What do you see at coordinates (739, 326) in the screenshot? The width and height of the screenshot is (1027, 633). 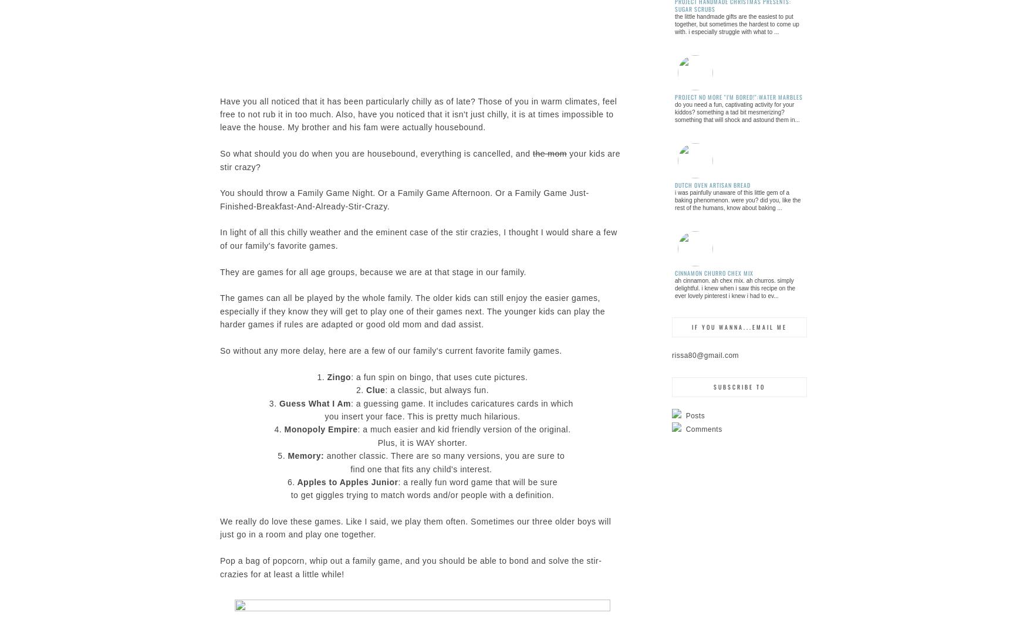 I see `'If You Wanna...Email Me'` at bounding box center [739, 326].